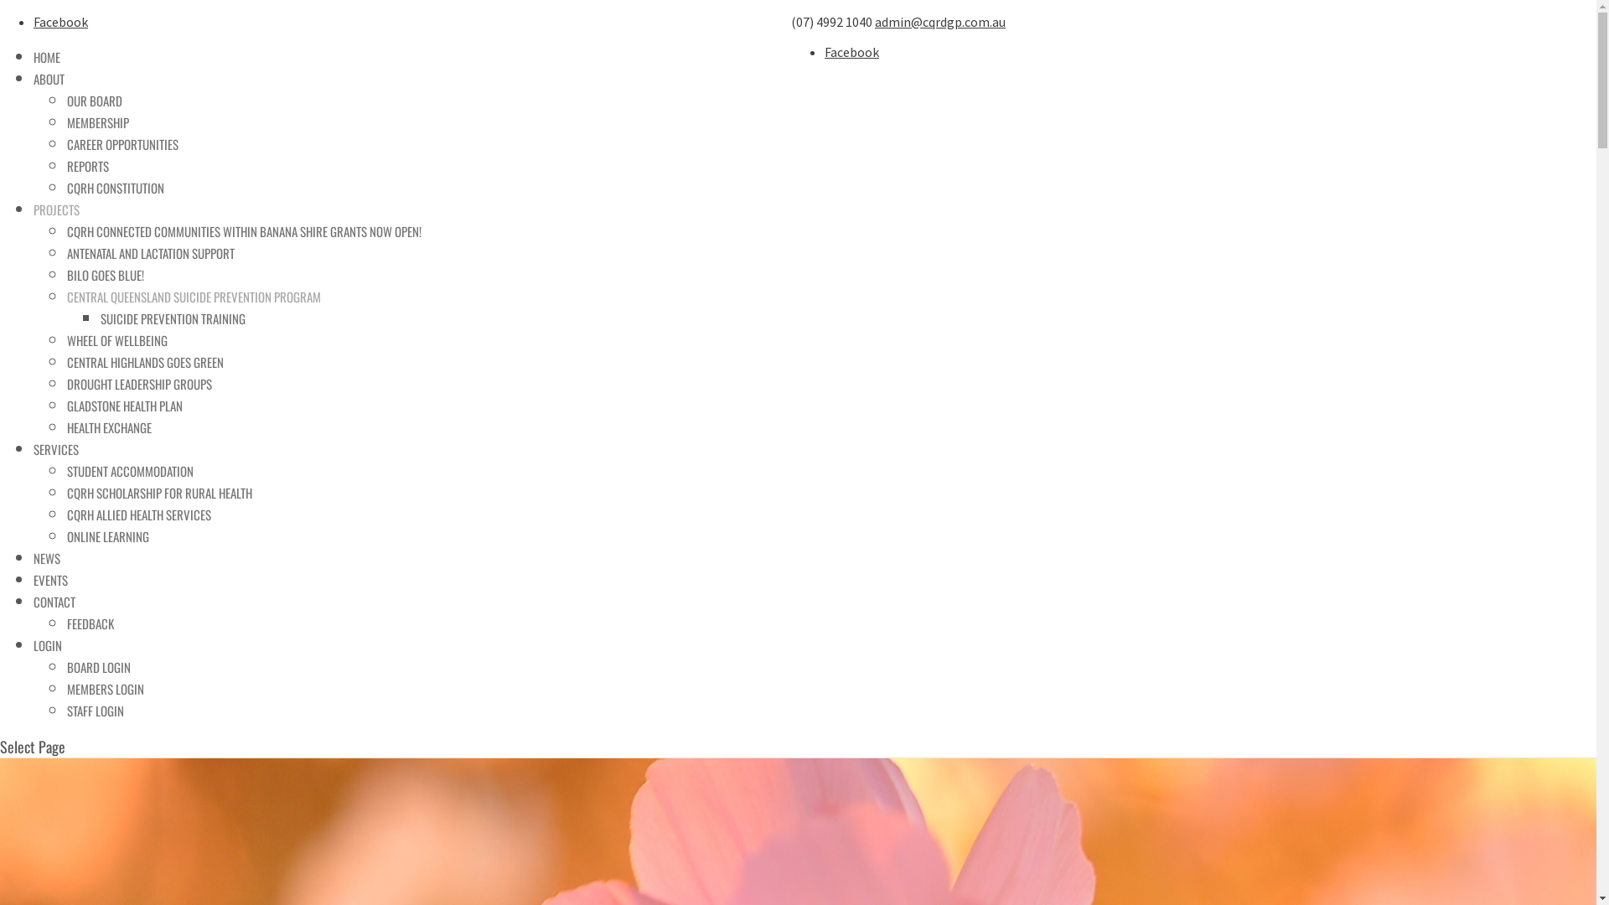  Describe the element at coordinates (33, 578) in the screenshot. I see `'EVENTS'` at that location.